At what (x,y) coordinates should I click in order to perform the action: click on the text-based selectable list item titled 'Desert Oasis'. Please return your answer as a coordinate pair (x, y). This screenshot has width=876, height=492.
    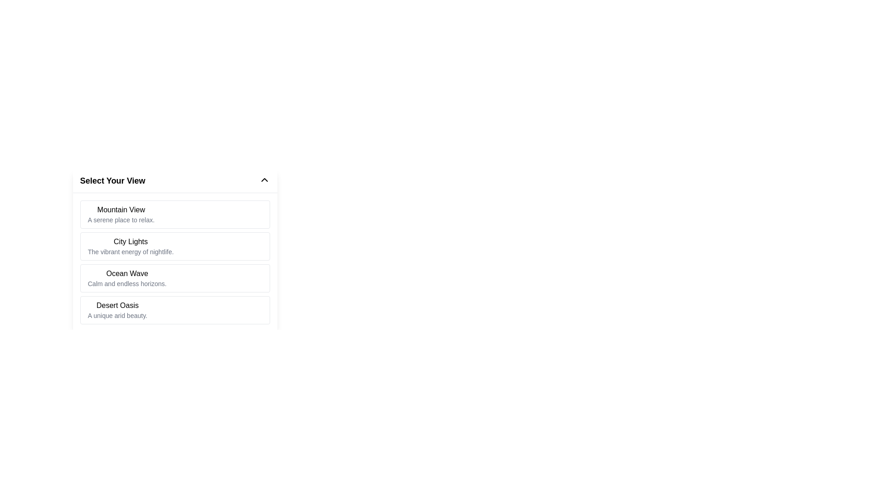
    Looking at the image, I should click on (117, 310).